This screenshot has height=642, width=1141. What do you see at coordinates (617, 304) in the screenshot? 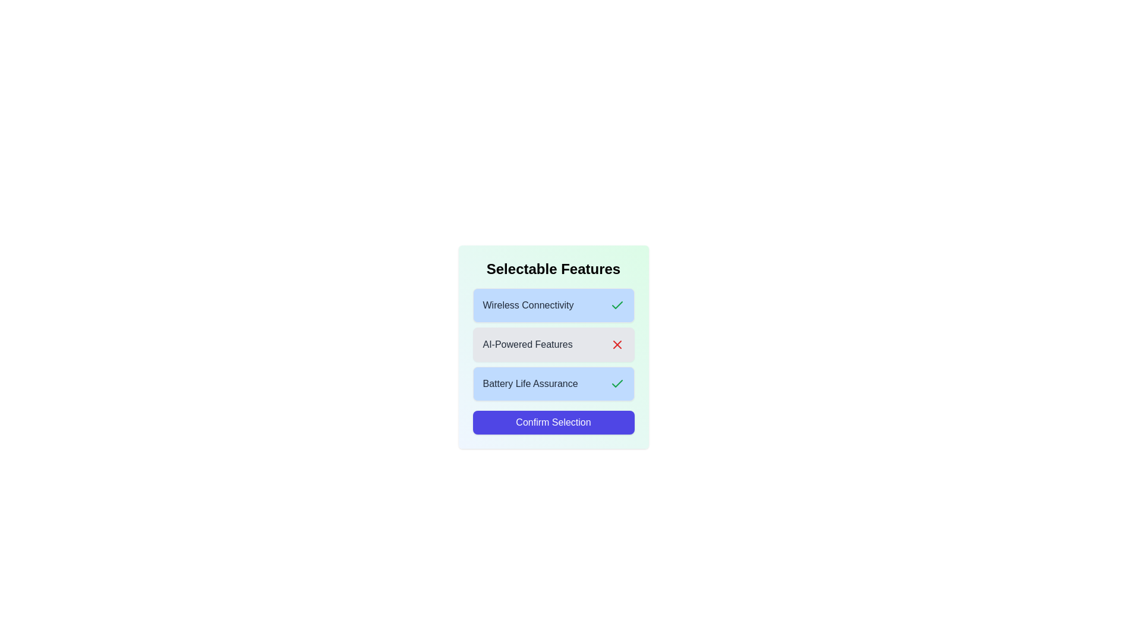
I see `the green checkmark icon indicating a completed state for the 'Wireless Connectivity' list item` at bounding box center [617, 304].